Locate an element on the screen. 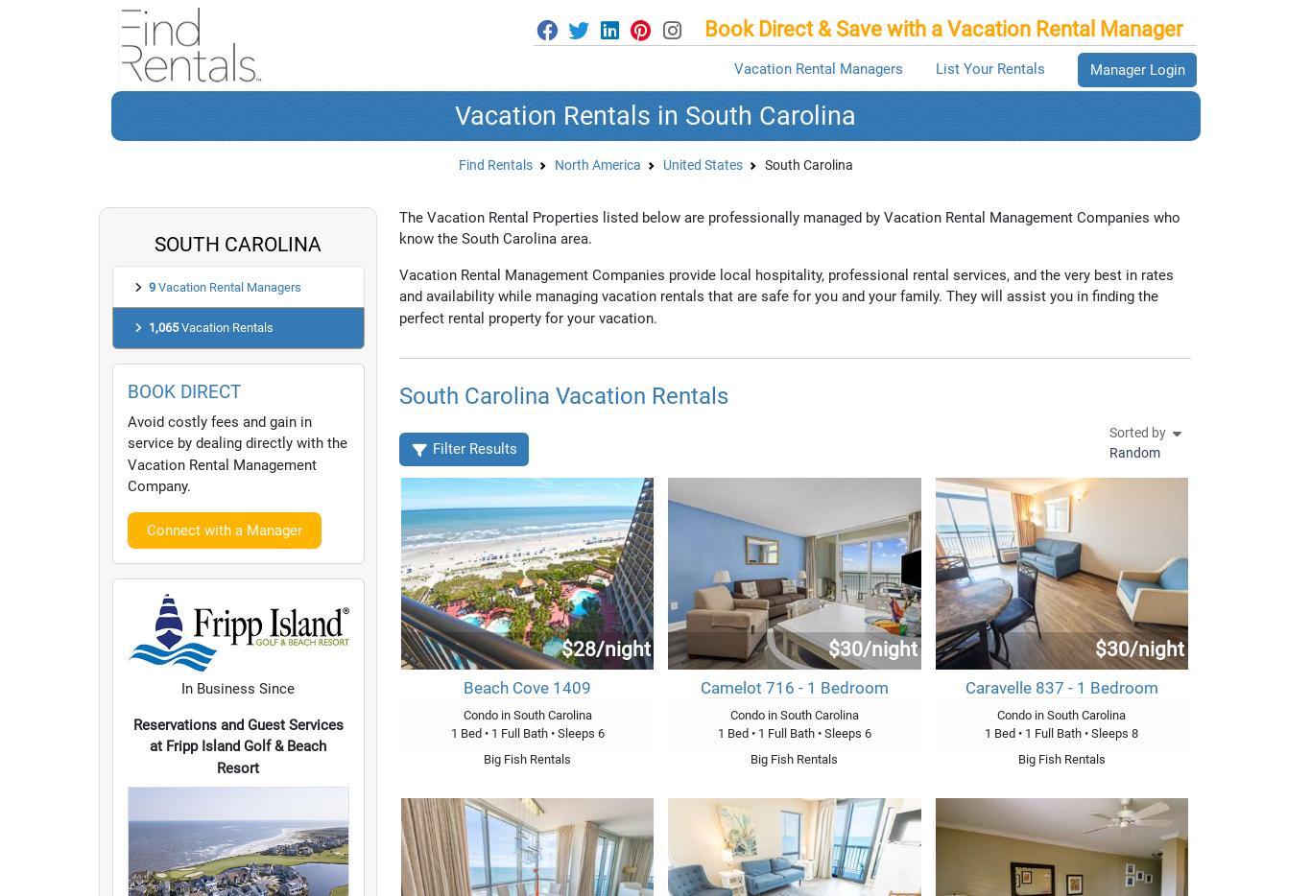  'Sea Islands South Carolina: 448 vacation rentals' is located at coordinates (633, 54).